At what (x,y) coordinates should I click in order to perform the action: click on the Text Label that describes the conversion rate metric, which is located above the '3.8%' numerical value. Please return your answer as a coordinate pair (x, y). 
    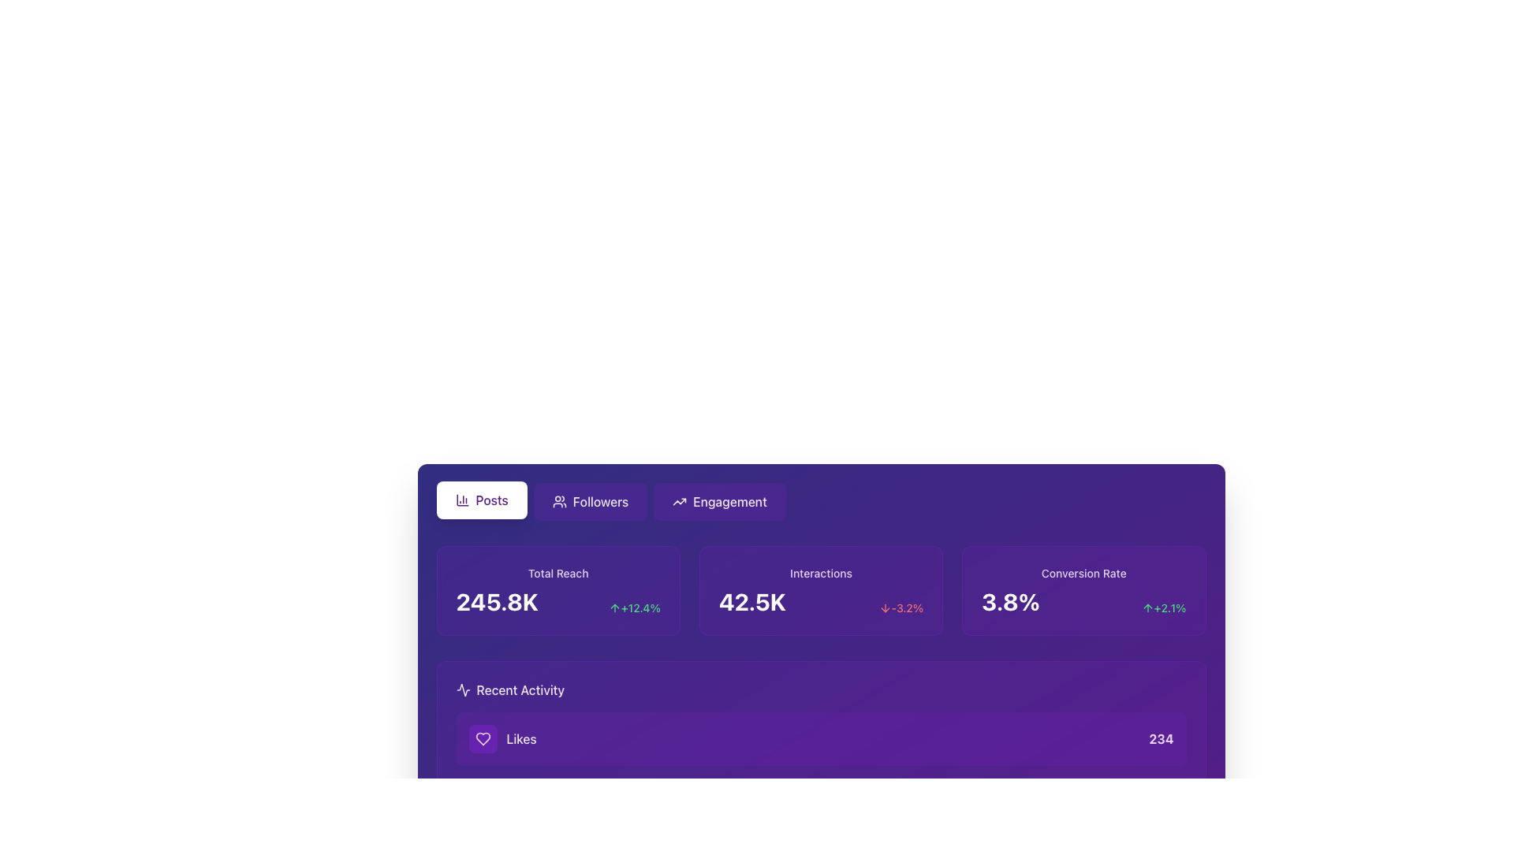
    Looking at the image, I should click on (1083, 574).